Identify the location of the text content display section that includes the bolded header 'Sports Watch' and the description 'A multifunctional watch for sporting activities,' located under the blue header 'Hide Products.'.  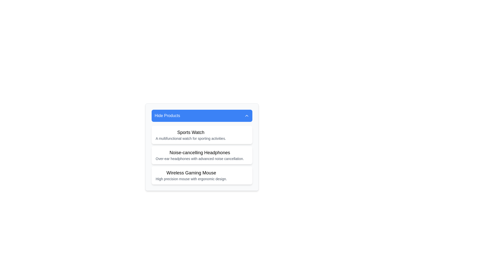
(190, 134).